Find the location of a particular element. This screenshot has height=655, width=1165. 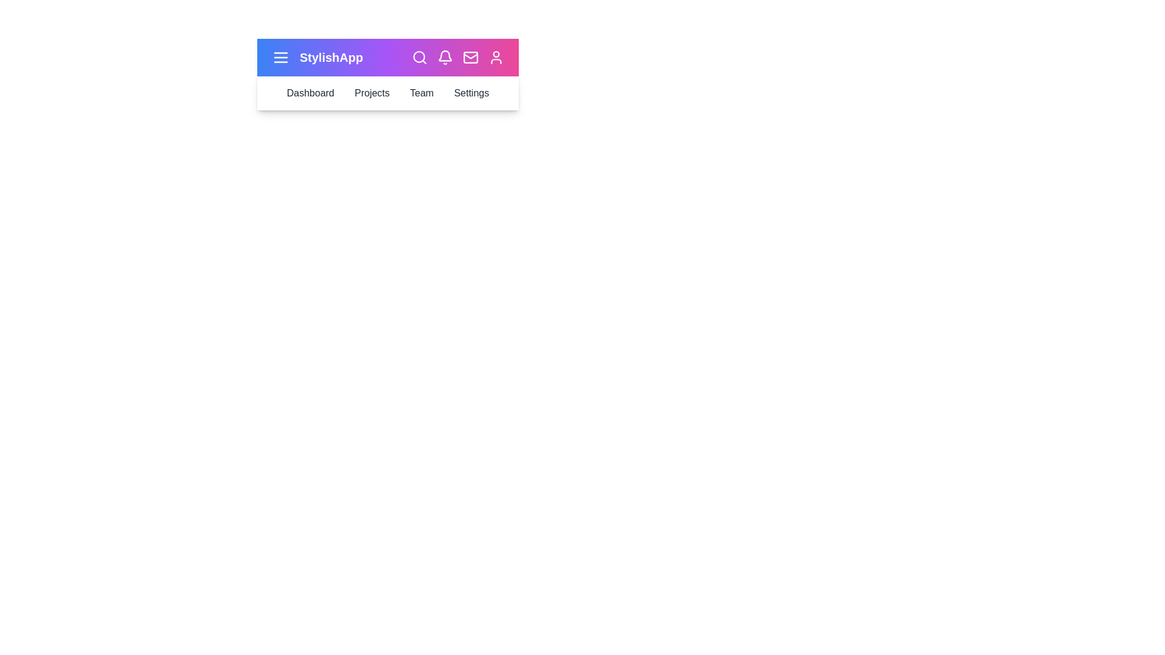

the 'Team' navigation item is located at coordinates (422, 93).